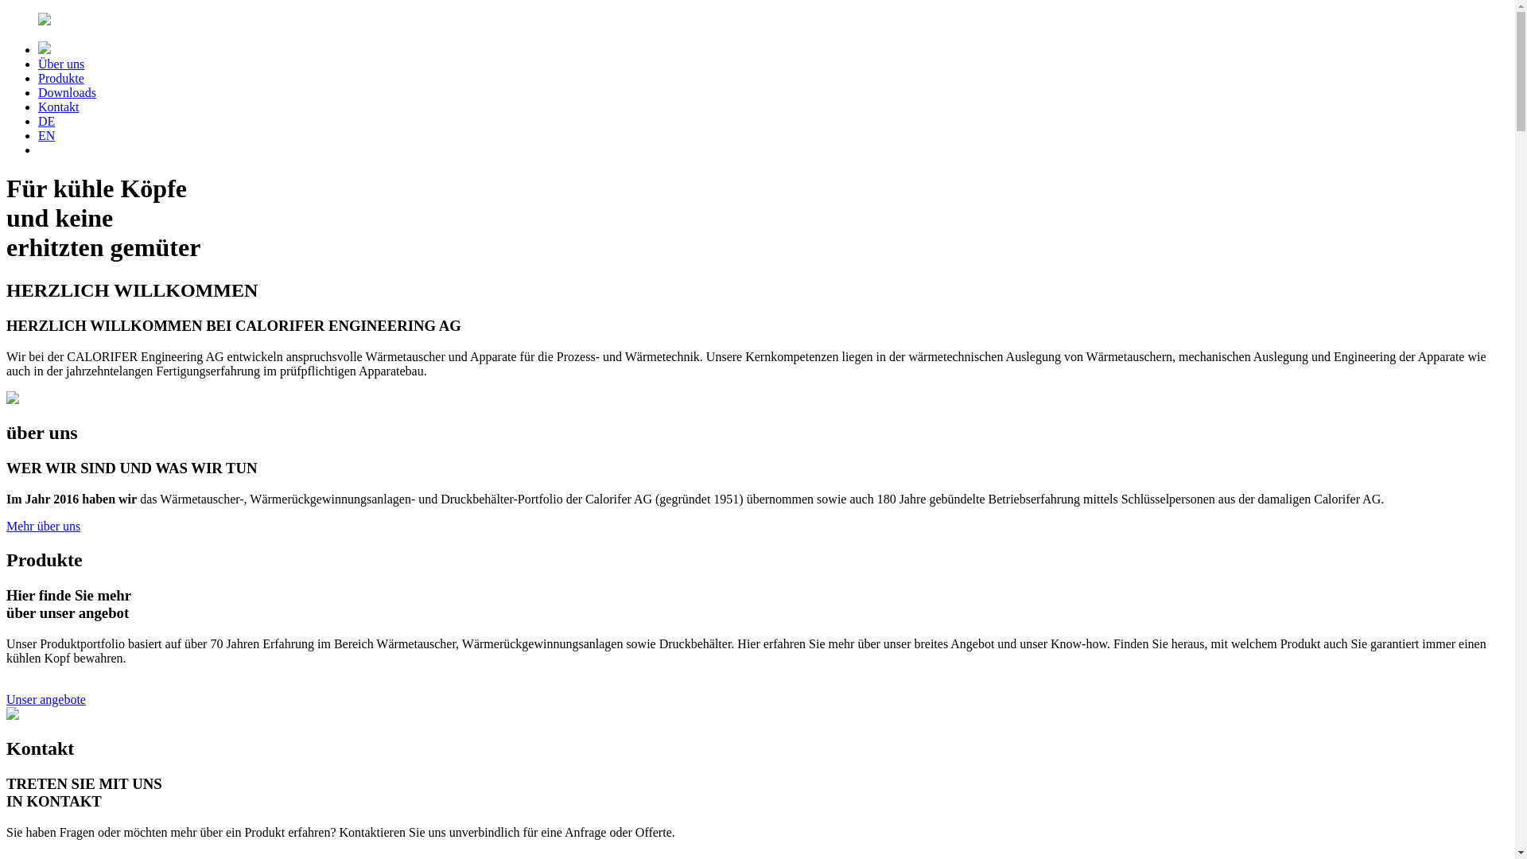 The width and height of the screenshot is (1527, 859). I want to click on 'Unser angebote', so click(6, 698).